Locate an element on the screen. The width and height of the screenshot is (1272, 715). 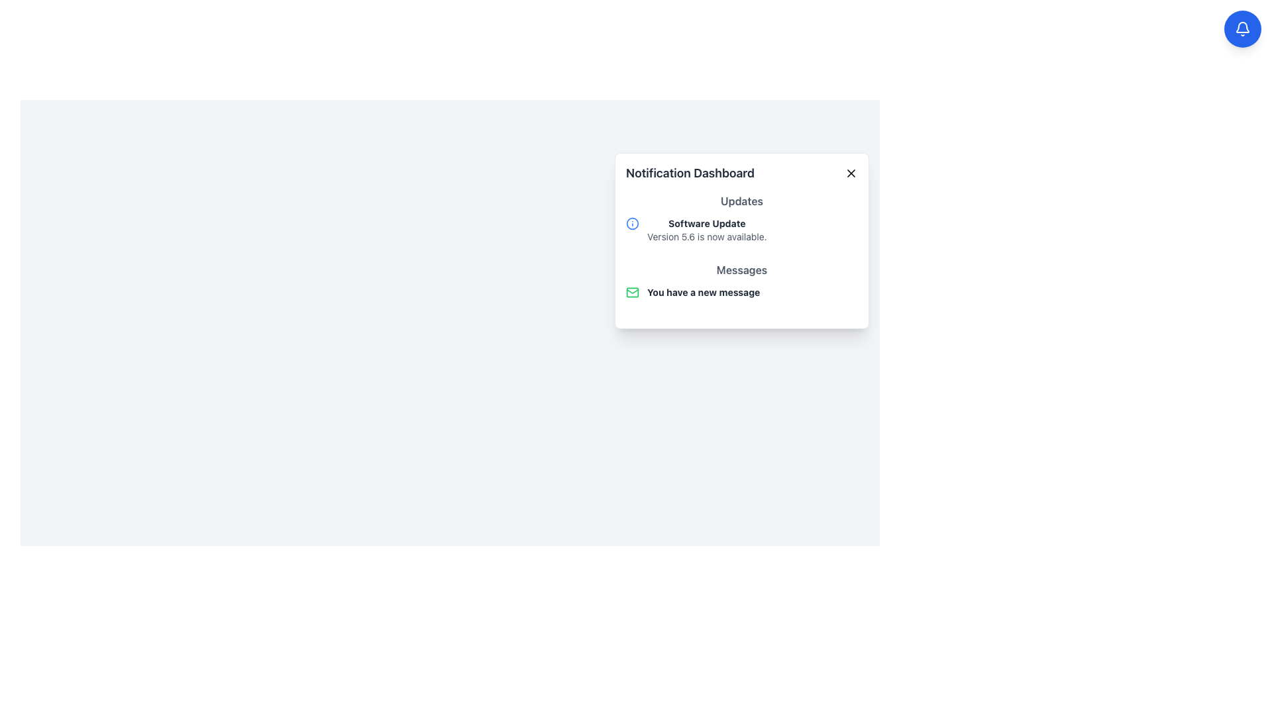
information provided in the notification pop-up titled 'Notification Dashboard', which includes updates about a software update and messages about new notifications is located at coordinates (741, 240).